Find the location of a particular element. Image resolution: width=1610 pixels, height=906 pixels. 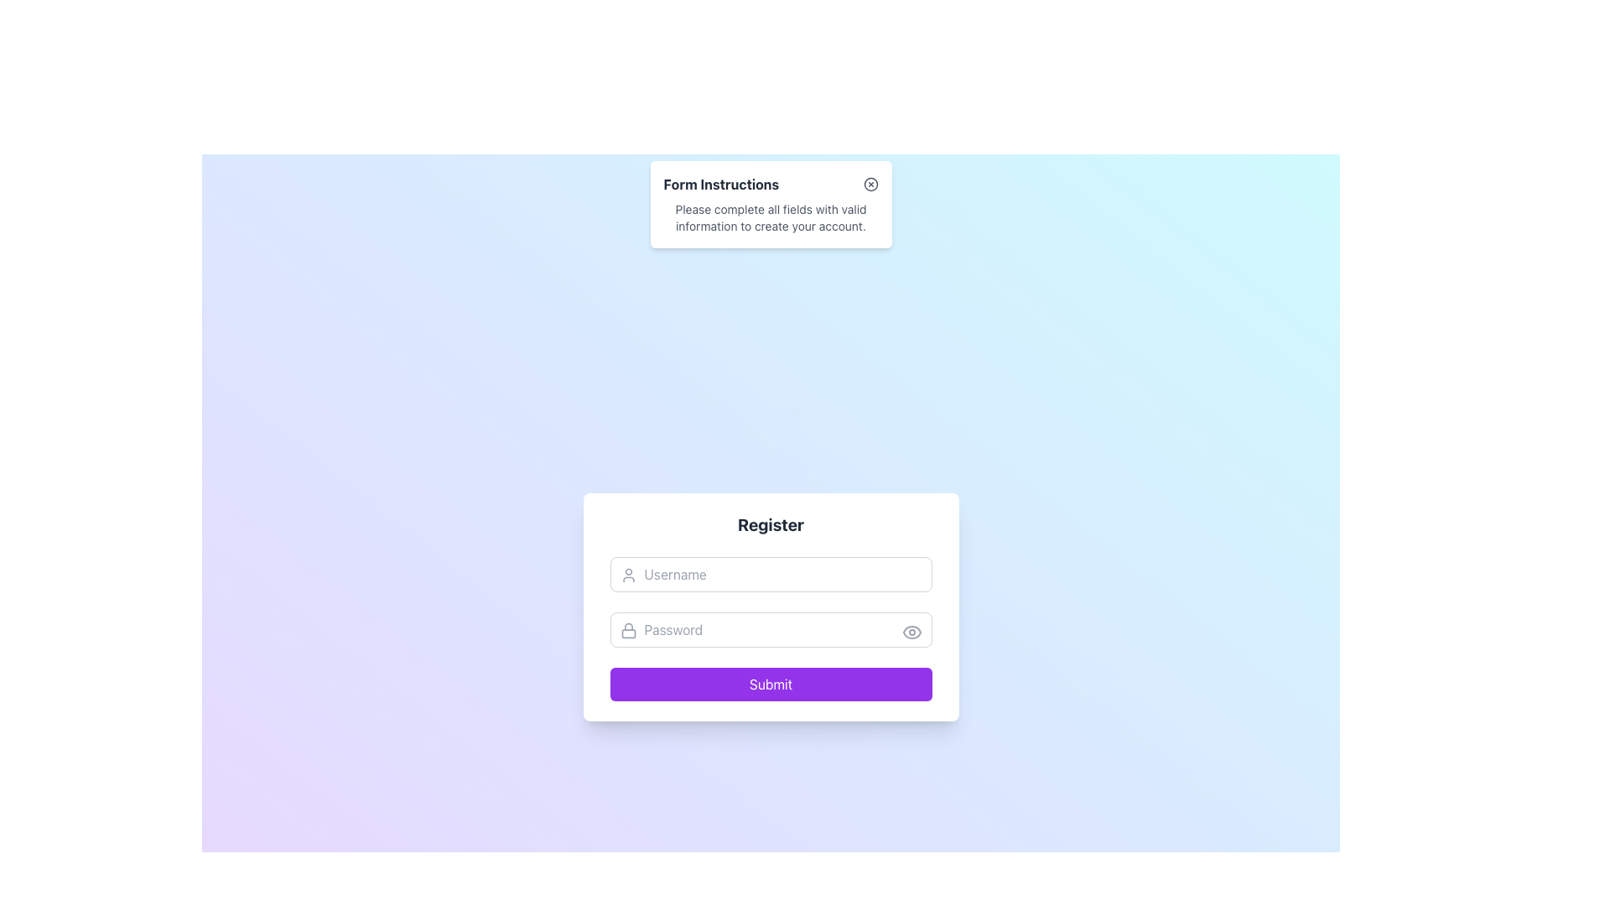

the bold text labeled 'Form Instructions' which is styled in dark gray color and provides guidance for a form is located at coordinates (721, 184).